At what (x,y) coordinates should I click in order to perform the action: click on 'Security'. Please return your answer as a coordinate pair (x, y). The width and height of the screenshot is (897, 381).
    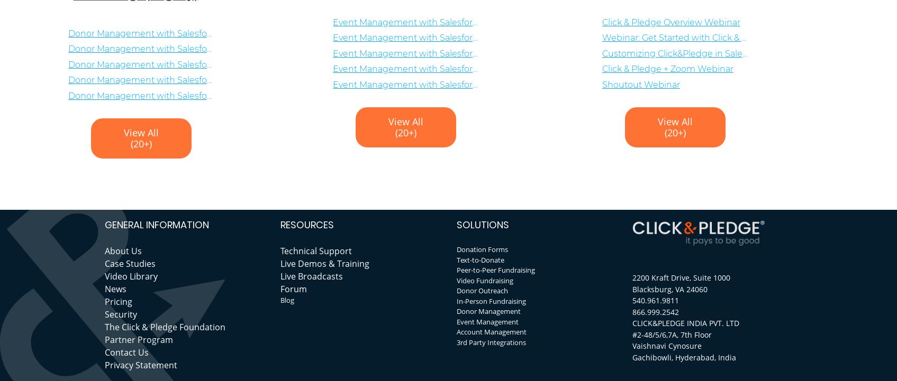
    Looking at the image, I should click on (104, 313).